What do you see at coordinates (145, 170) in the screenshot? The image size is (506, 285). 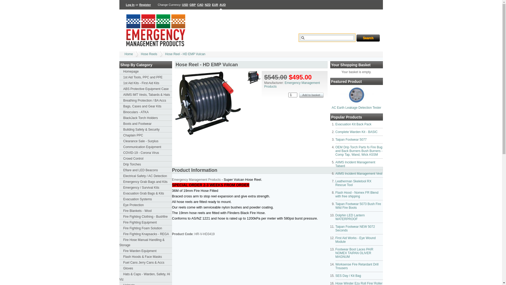 I see `'Eflare and LED Beacons'` at bounding box center [145, 170].